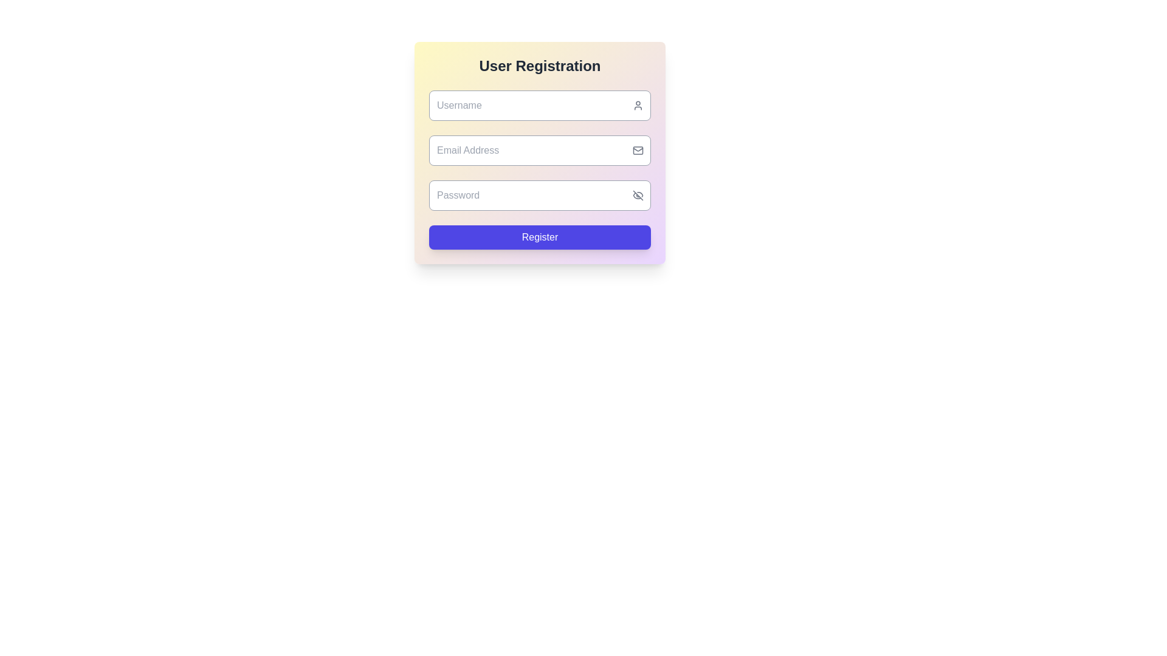 This screenshot has height=656, width=1167. What do you see at coordinates (539, 170) in the screenshot?
I see `the input fields of the registration form located centrally beneath the 'User Registration' heading to type in user information` at bounding box center [539, 170].